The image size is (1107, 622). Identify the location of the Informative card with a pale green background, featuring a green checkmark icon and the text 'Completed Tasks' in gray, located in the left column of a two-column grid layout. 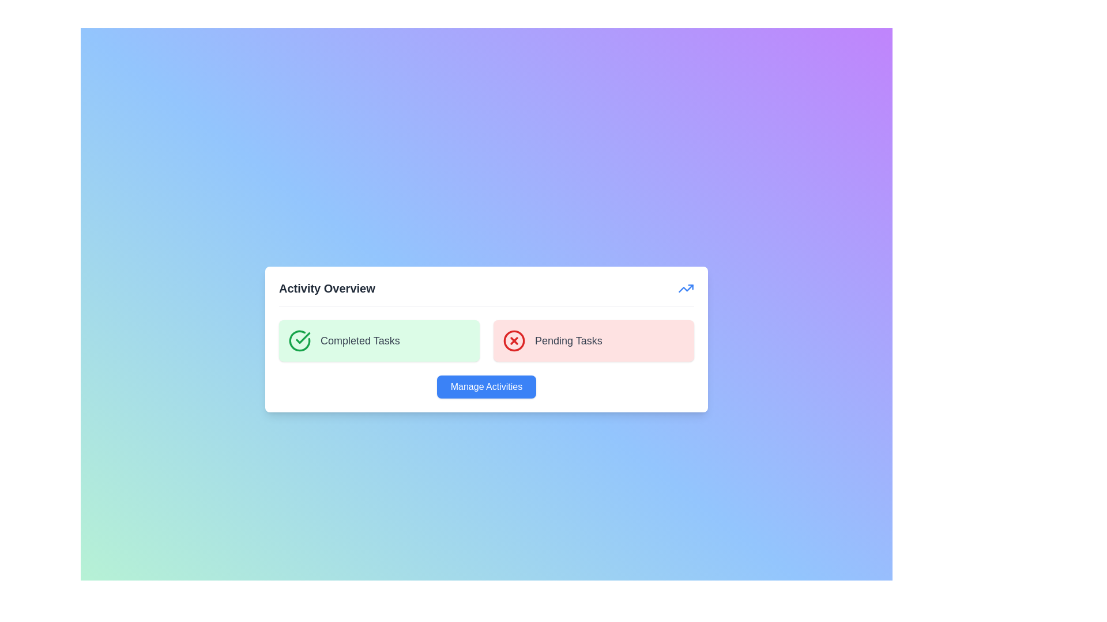
(379, 339).